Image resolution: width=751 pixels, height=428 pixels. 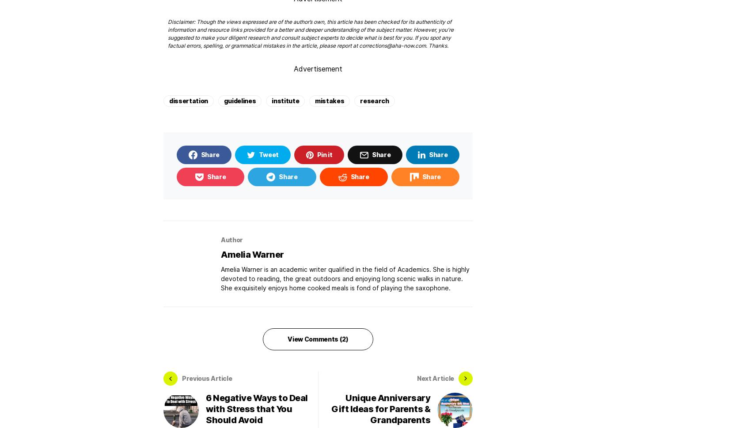 What do you see at coordinates (318, 338) in the screenshot?
I see `'View Comments (2)'` at bounding box center [318, 338].